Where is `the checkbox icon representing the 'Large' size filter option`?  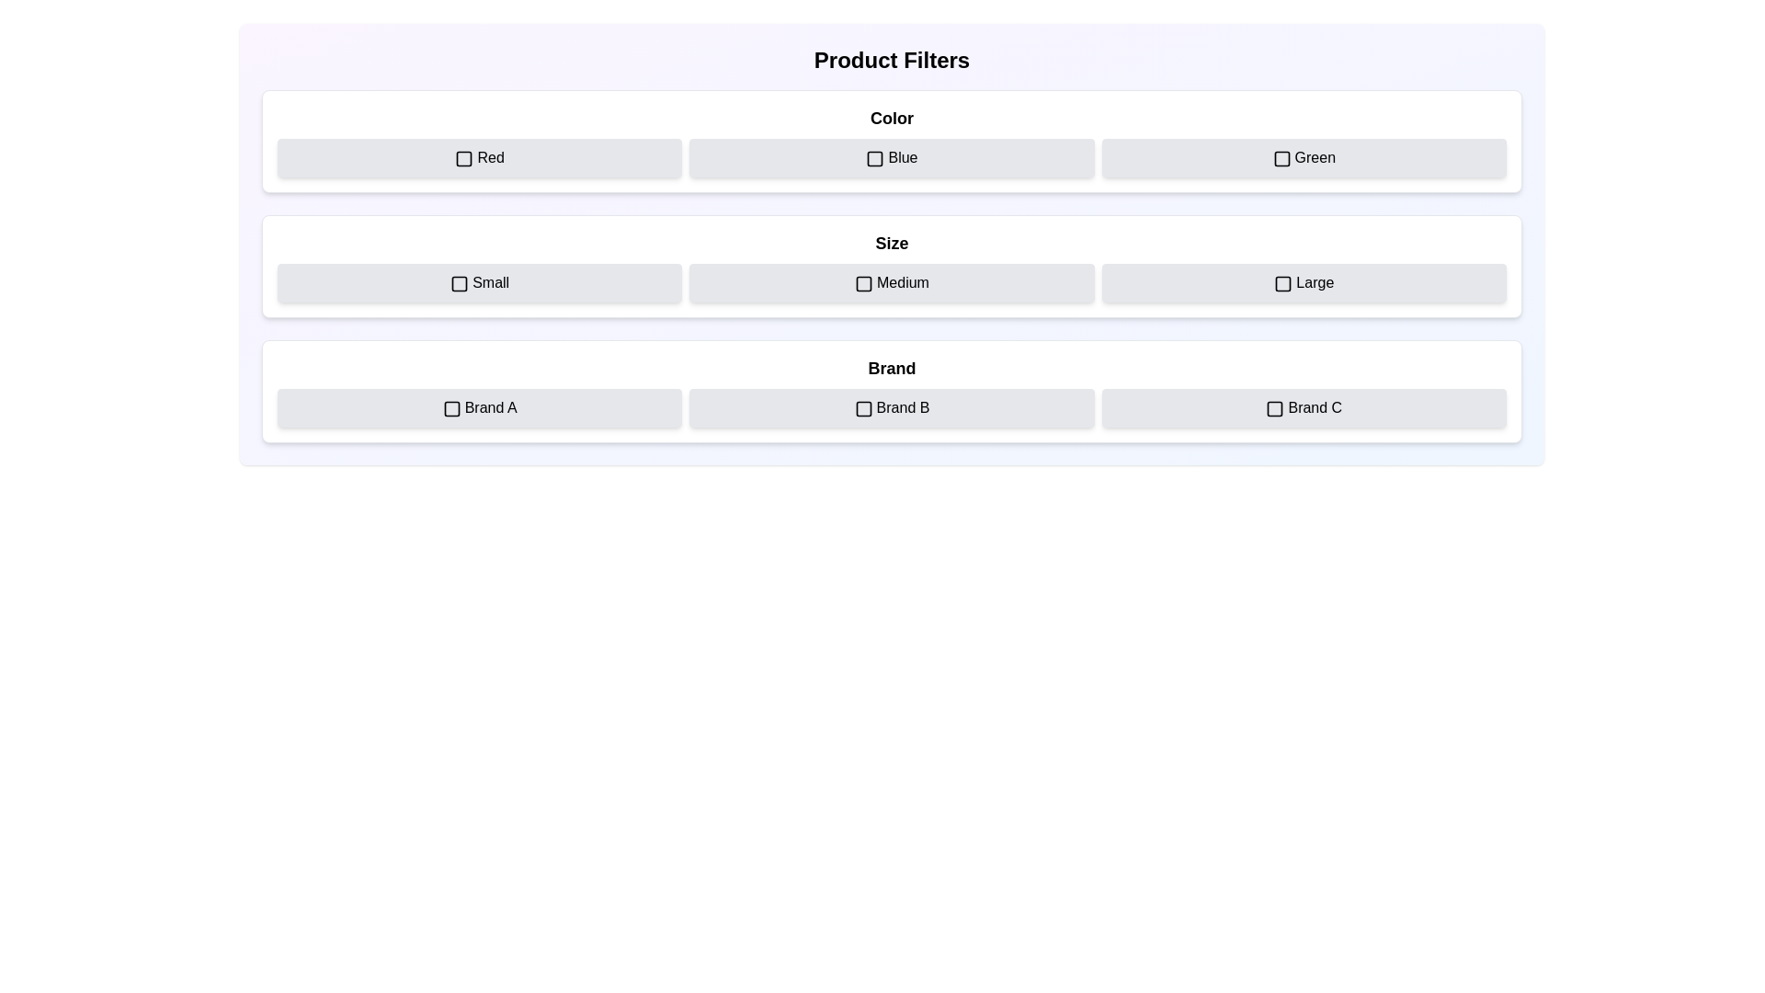
the checkbox icon representing the 'Large' size filter option is located at coordinates (1282, 283).